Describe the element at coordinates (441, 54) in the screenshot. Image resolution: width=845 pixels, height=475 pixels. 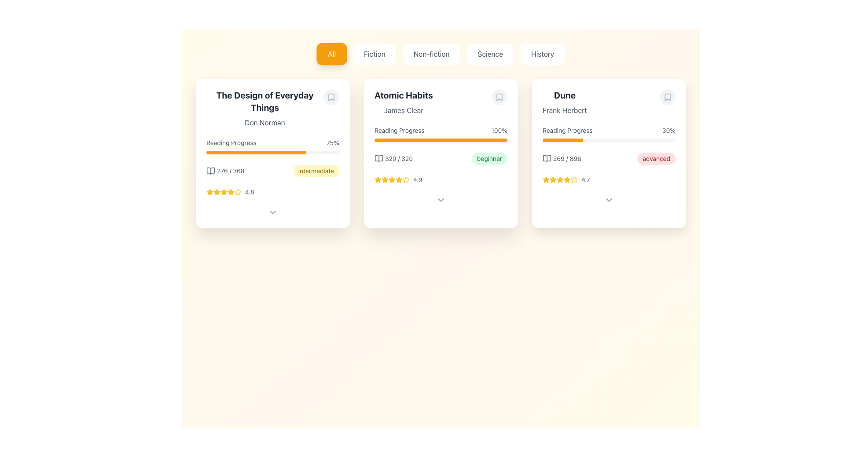
I see `the 'Non-fiction' category selector button, which is the third tab in a row of five tabs labeled 'All', 'Fiction', 'Non-fiction', 'Science', and 'History'` at that location.